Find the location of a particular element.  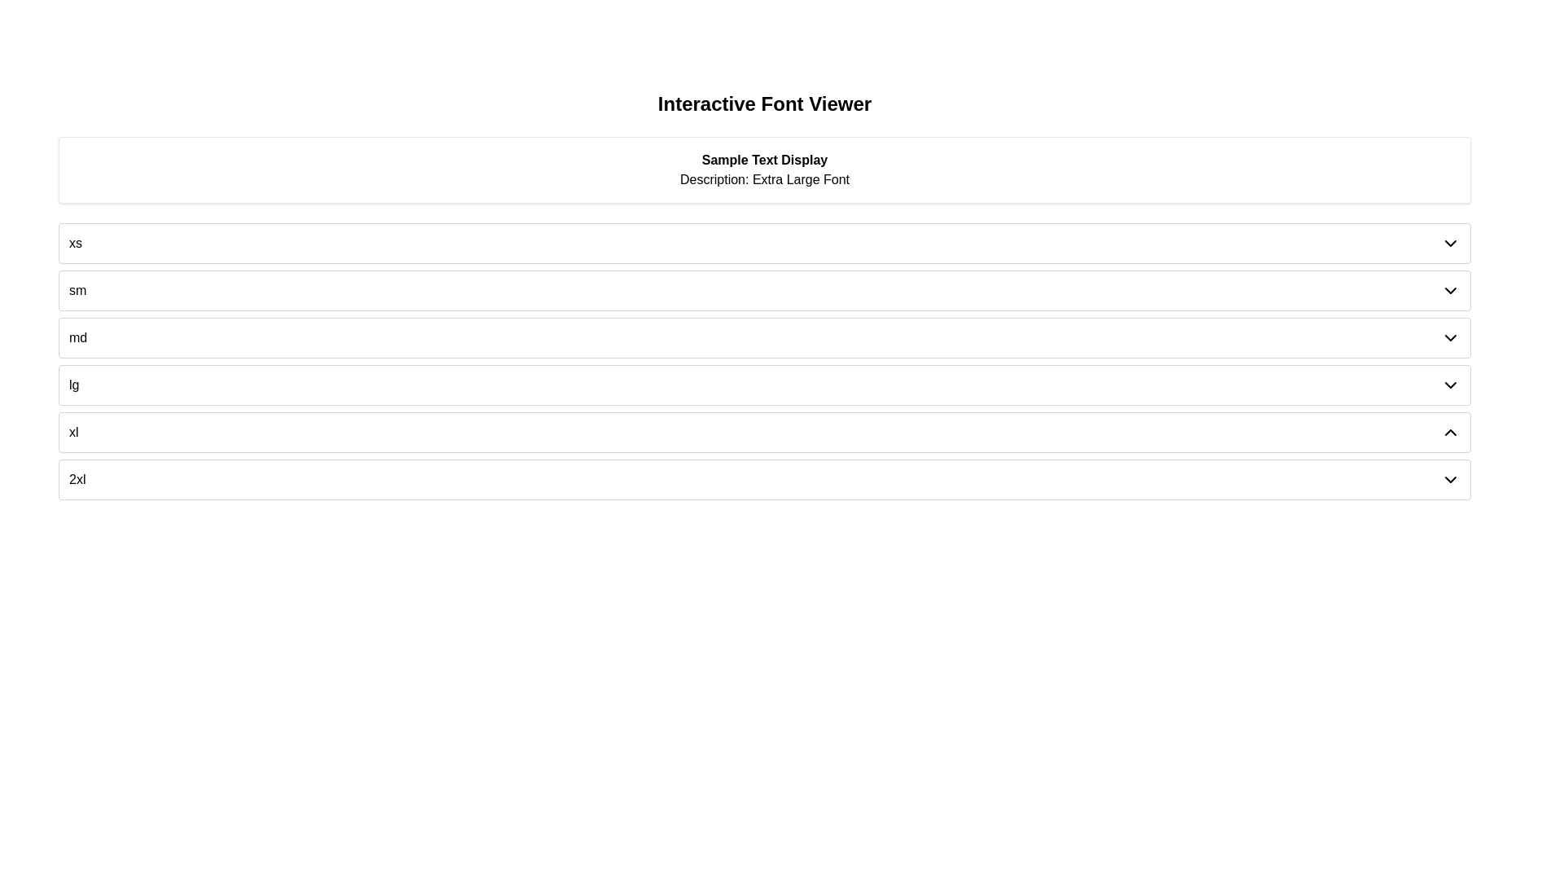

the downward-pointing chevron icon is located at coordinates (1450, 479).